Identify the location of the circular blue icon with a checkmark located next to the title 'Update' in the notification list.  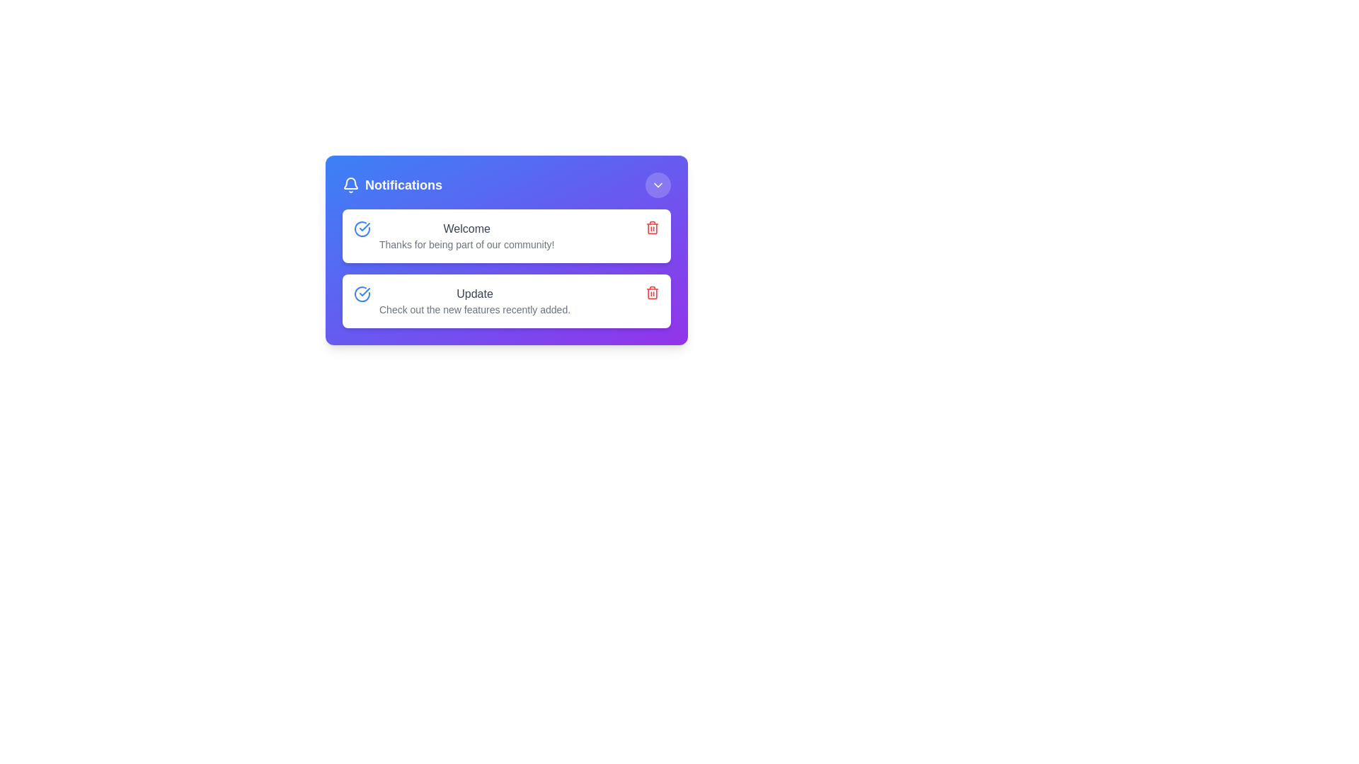
(362, 294).